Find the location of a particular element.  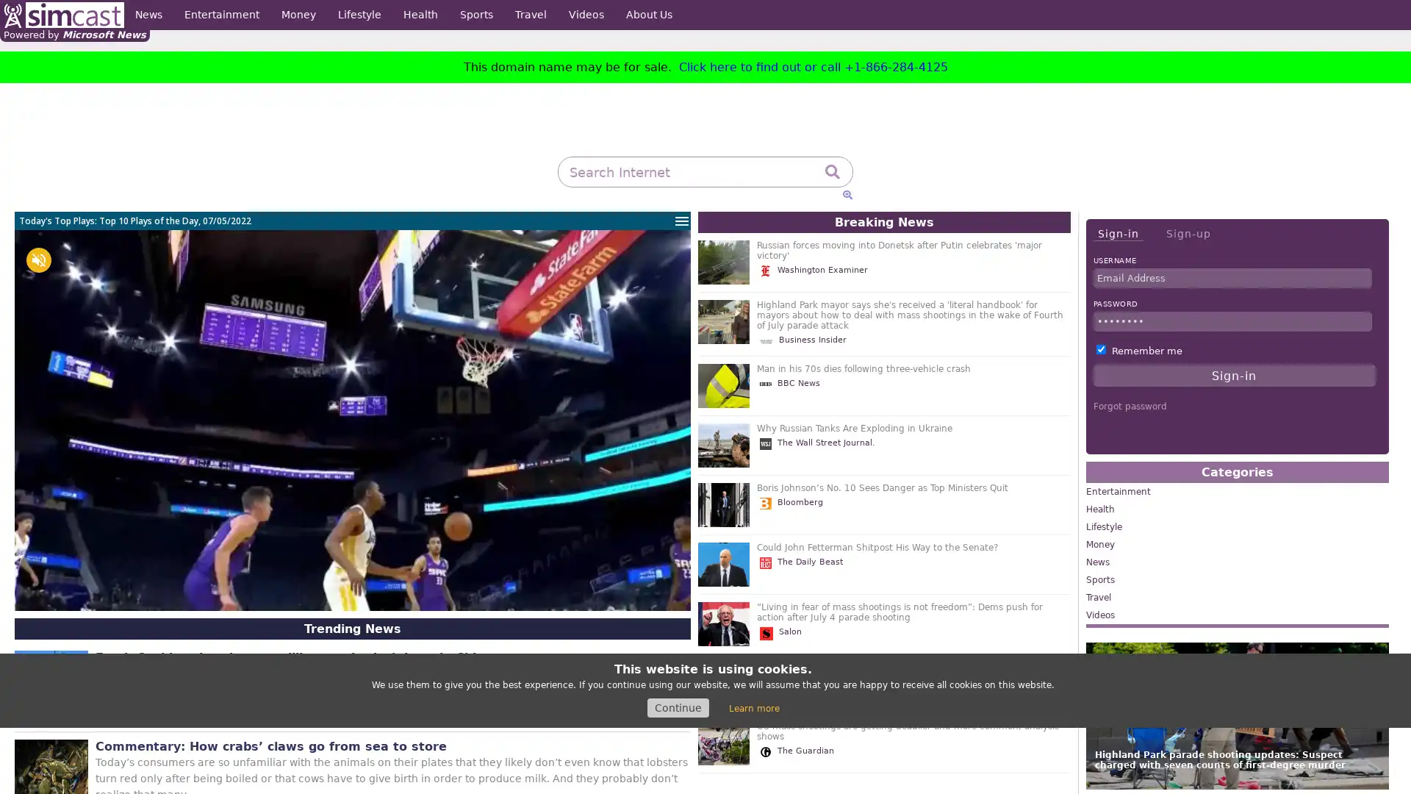

Sign-in is located at coordinates (1234, 374).